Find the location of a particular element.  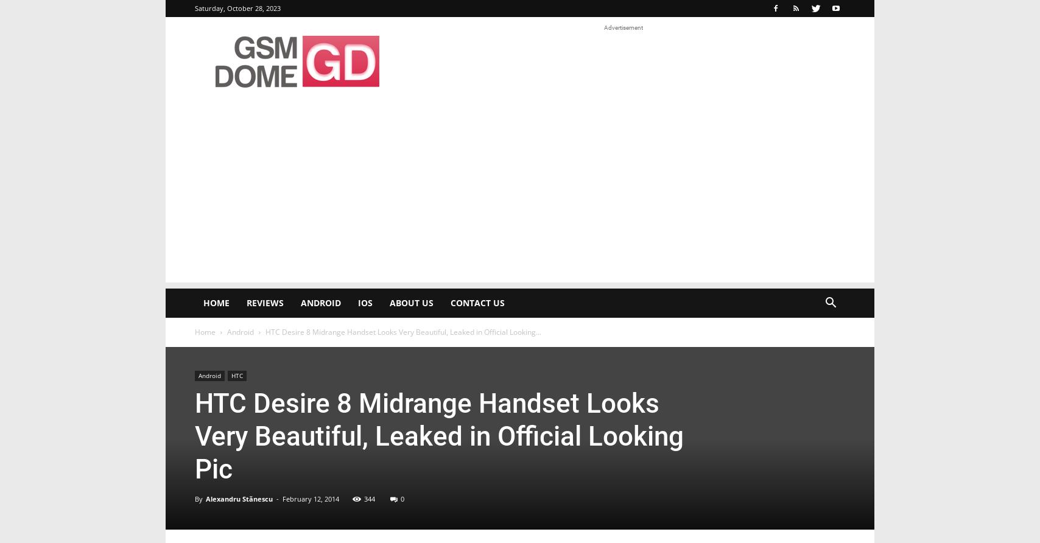

'HTC' is located at coordinates (237, 374).